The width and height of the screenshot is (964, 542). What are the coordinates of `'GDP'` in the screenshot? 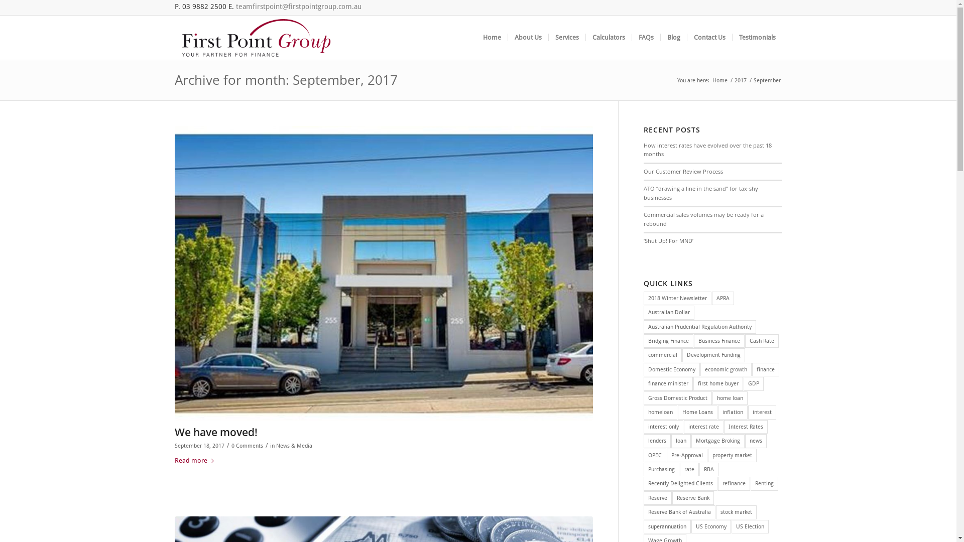 It's located at (754, 383).